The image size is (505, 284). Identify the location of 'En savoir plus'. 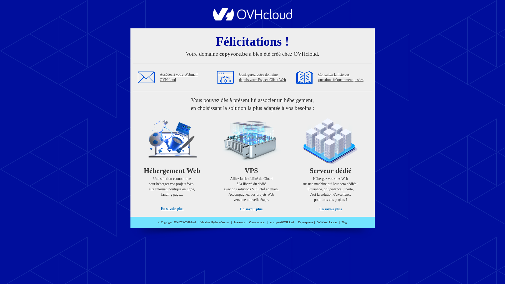
(172, 208).